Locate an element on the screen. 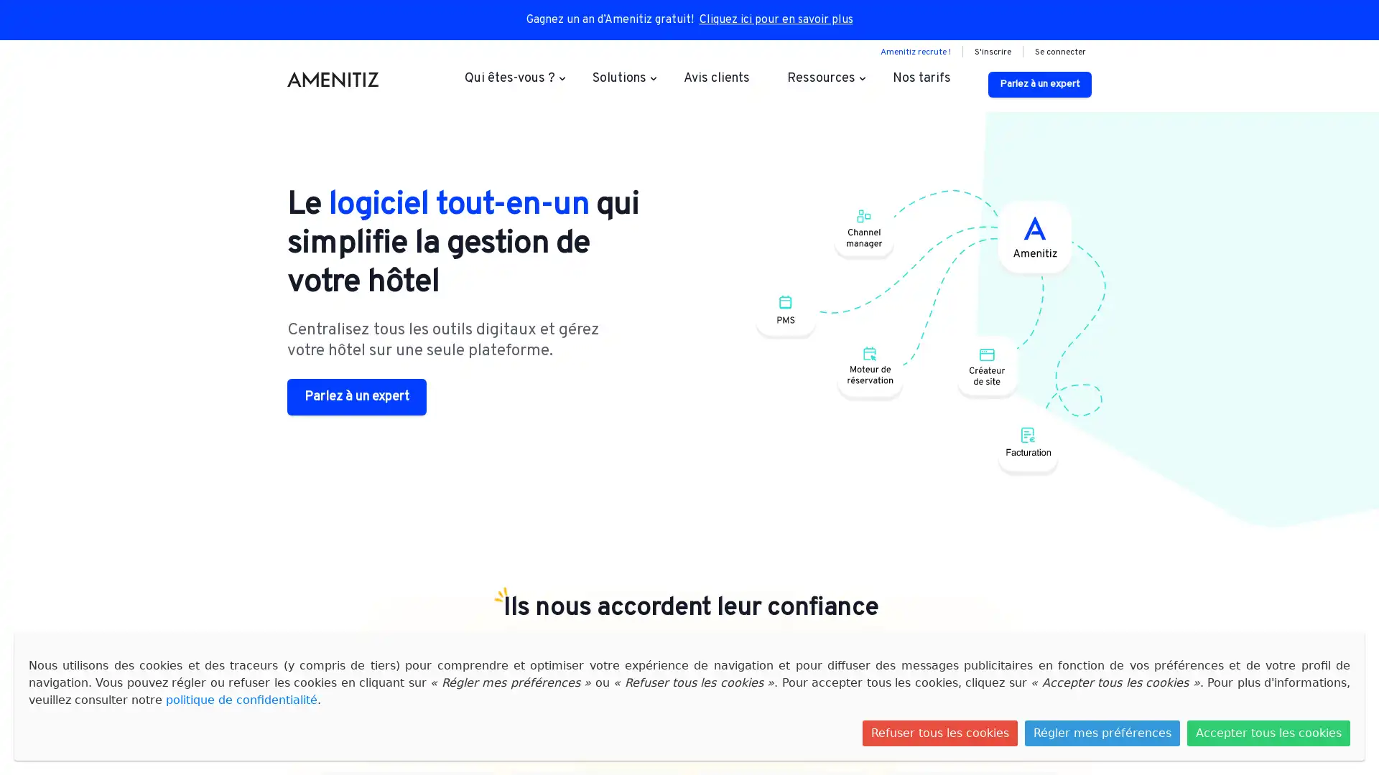 The height and width of the screenshot is (775, 1379). Refuser tous les cookies is located at coordinates (940, 733).